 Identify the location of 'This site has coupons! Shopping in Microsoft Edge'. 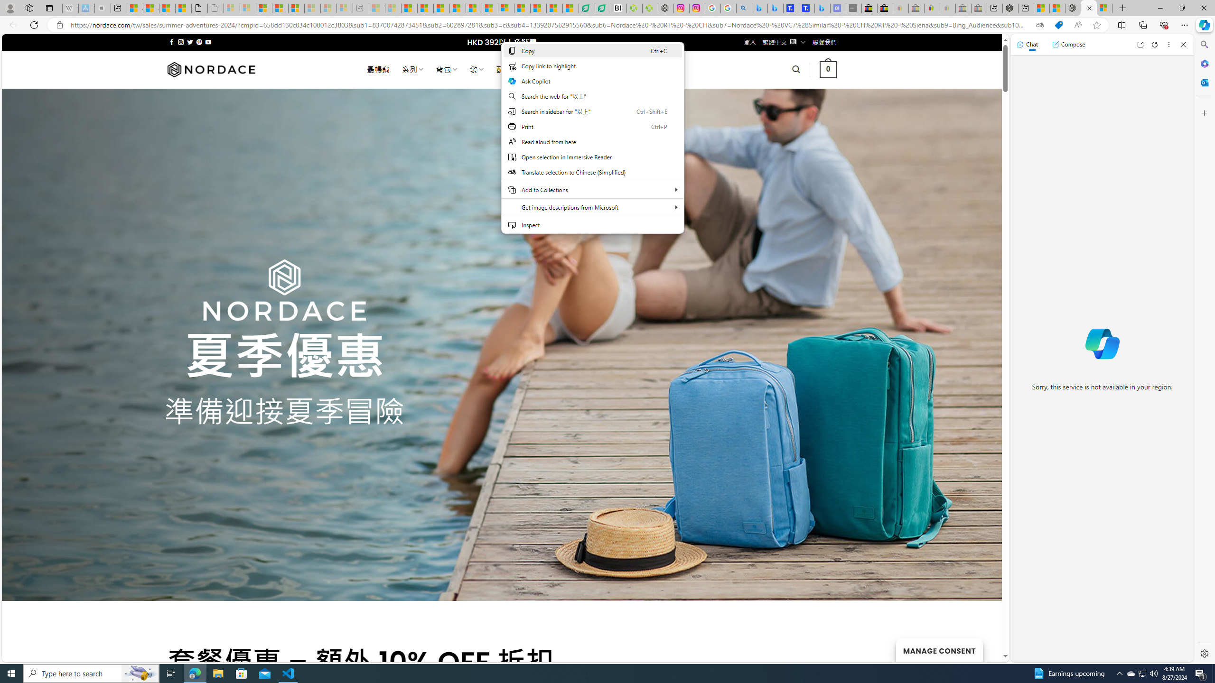
(1058, 25).